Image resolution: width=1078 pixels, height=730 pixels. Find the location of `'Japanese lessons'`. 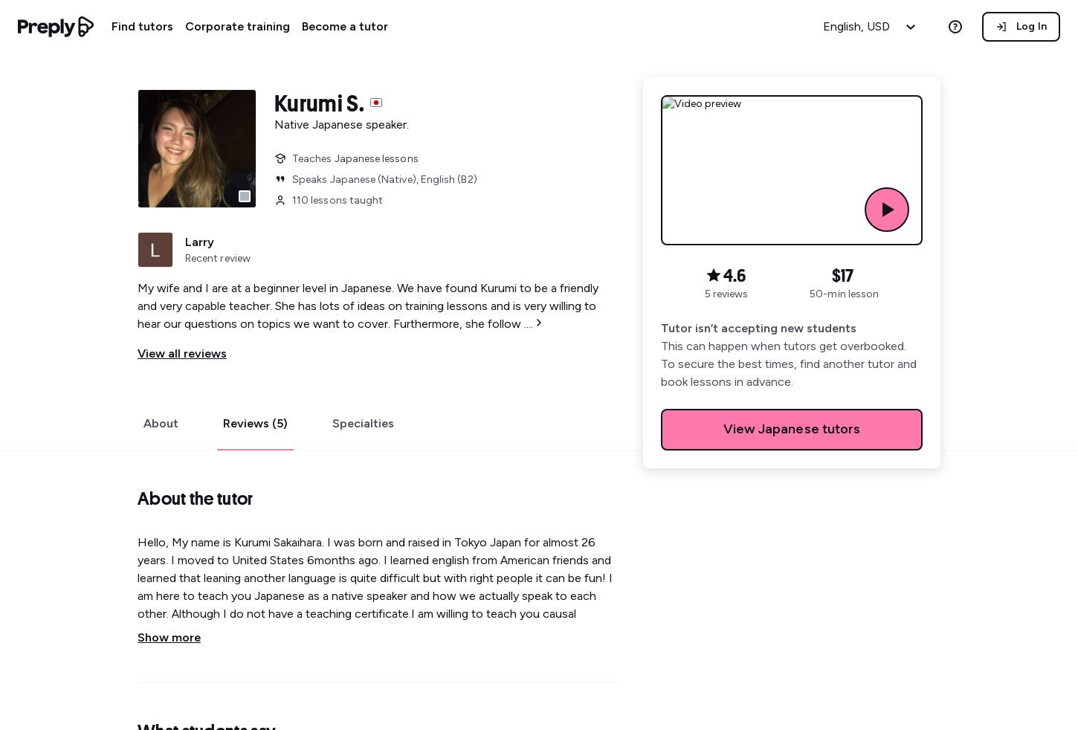

'Japanese lessons' is located at coordinates (375, 158).